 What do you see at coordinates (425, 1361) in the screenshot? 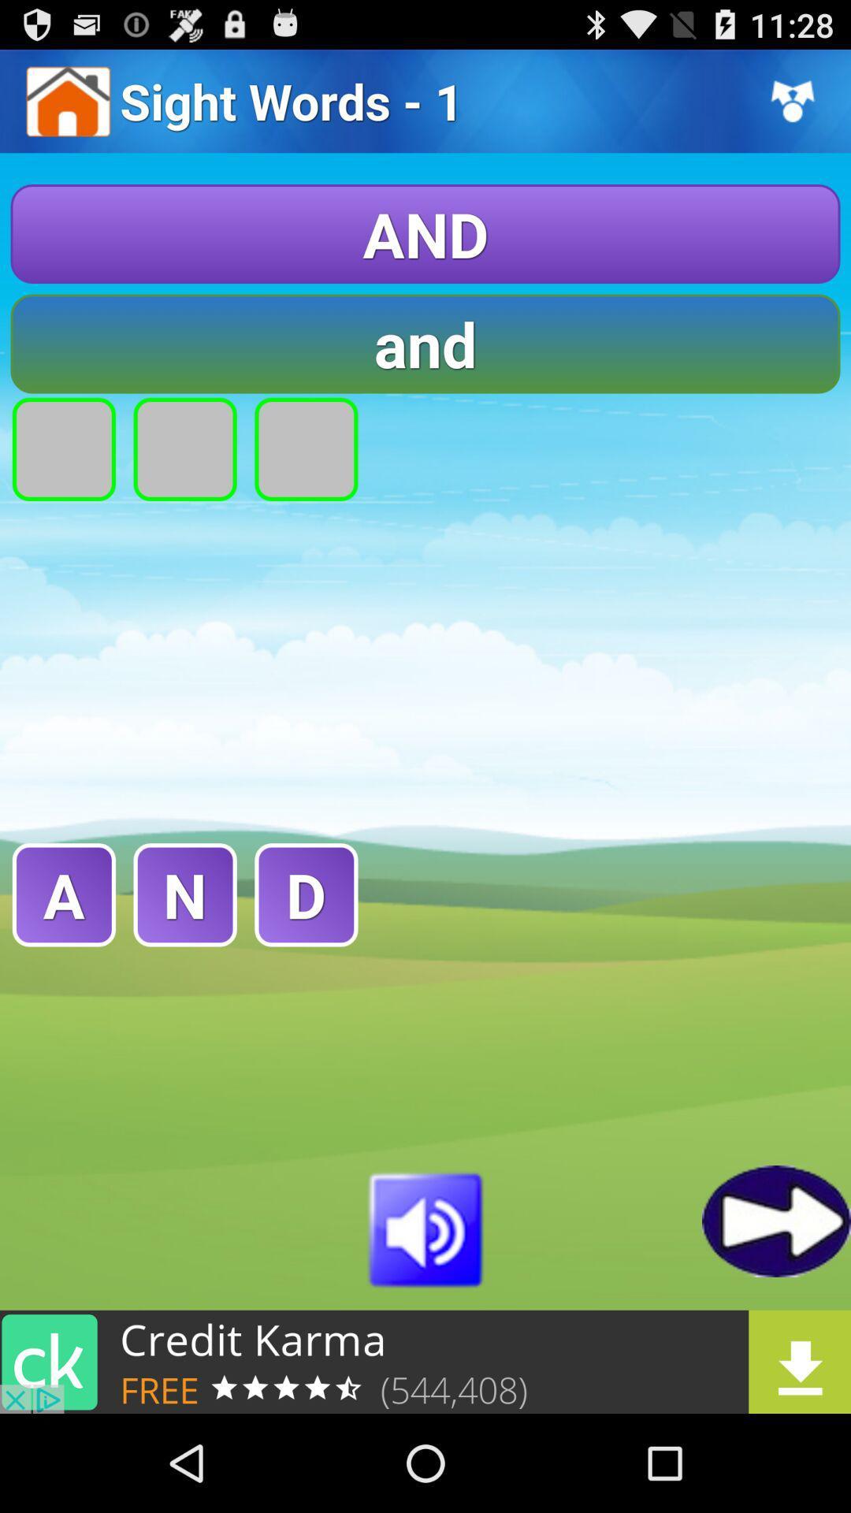
I see `visit credit karma website` at bounding box center [425, 1361].